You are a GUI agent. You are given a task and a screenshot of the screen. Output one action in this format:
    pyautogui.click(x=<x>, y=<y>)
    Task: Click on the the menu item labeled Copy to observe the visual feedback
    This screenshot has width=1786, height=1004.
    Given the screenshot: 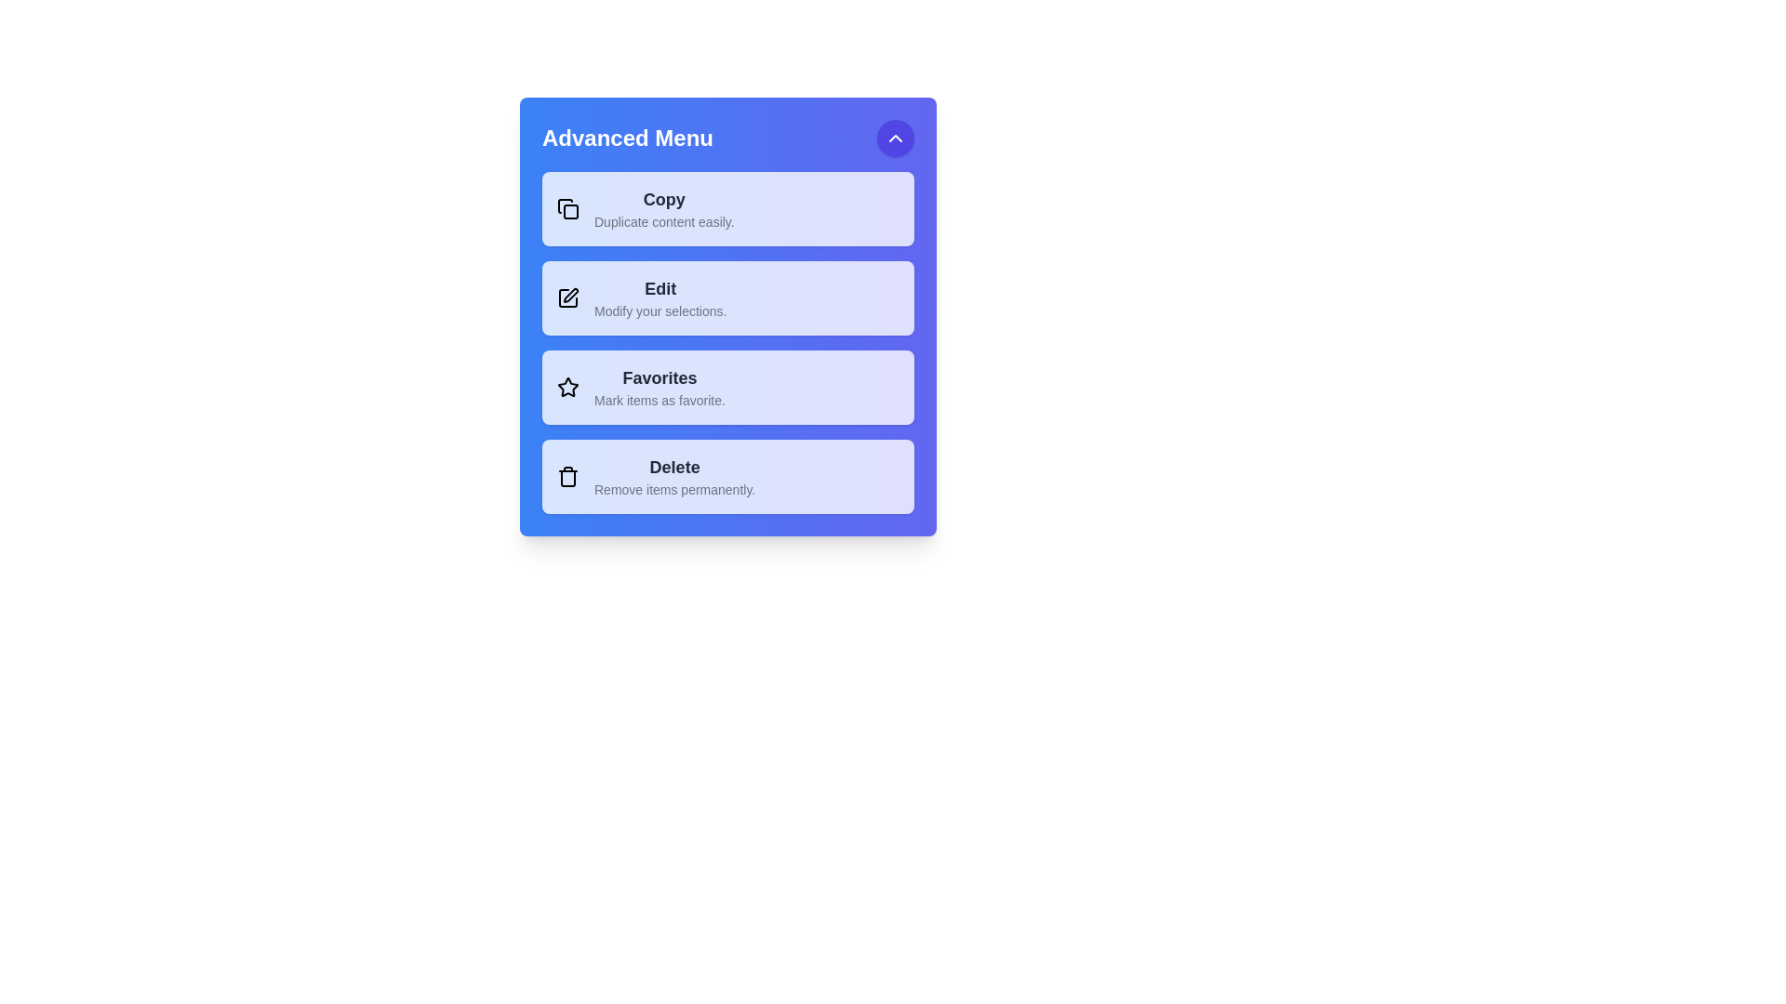 What is the action you would take?
    pyautogui.click(x=726, y=208)
    